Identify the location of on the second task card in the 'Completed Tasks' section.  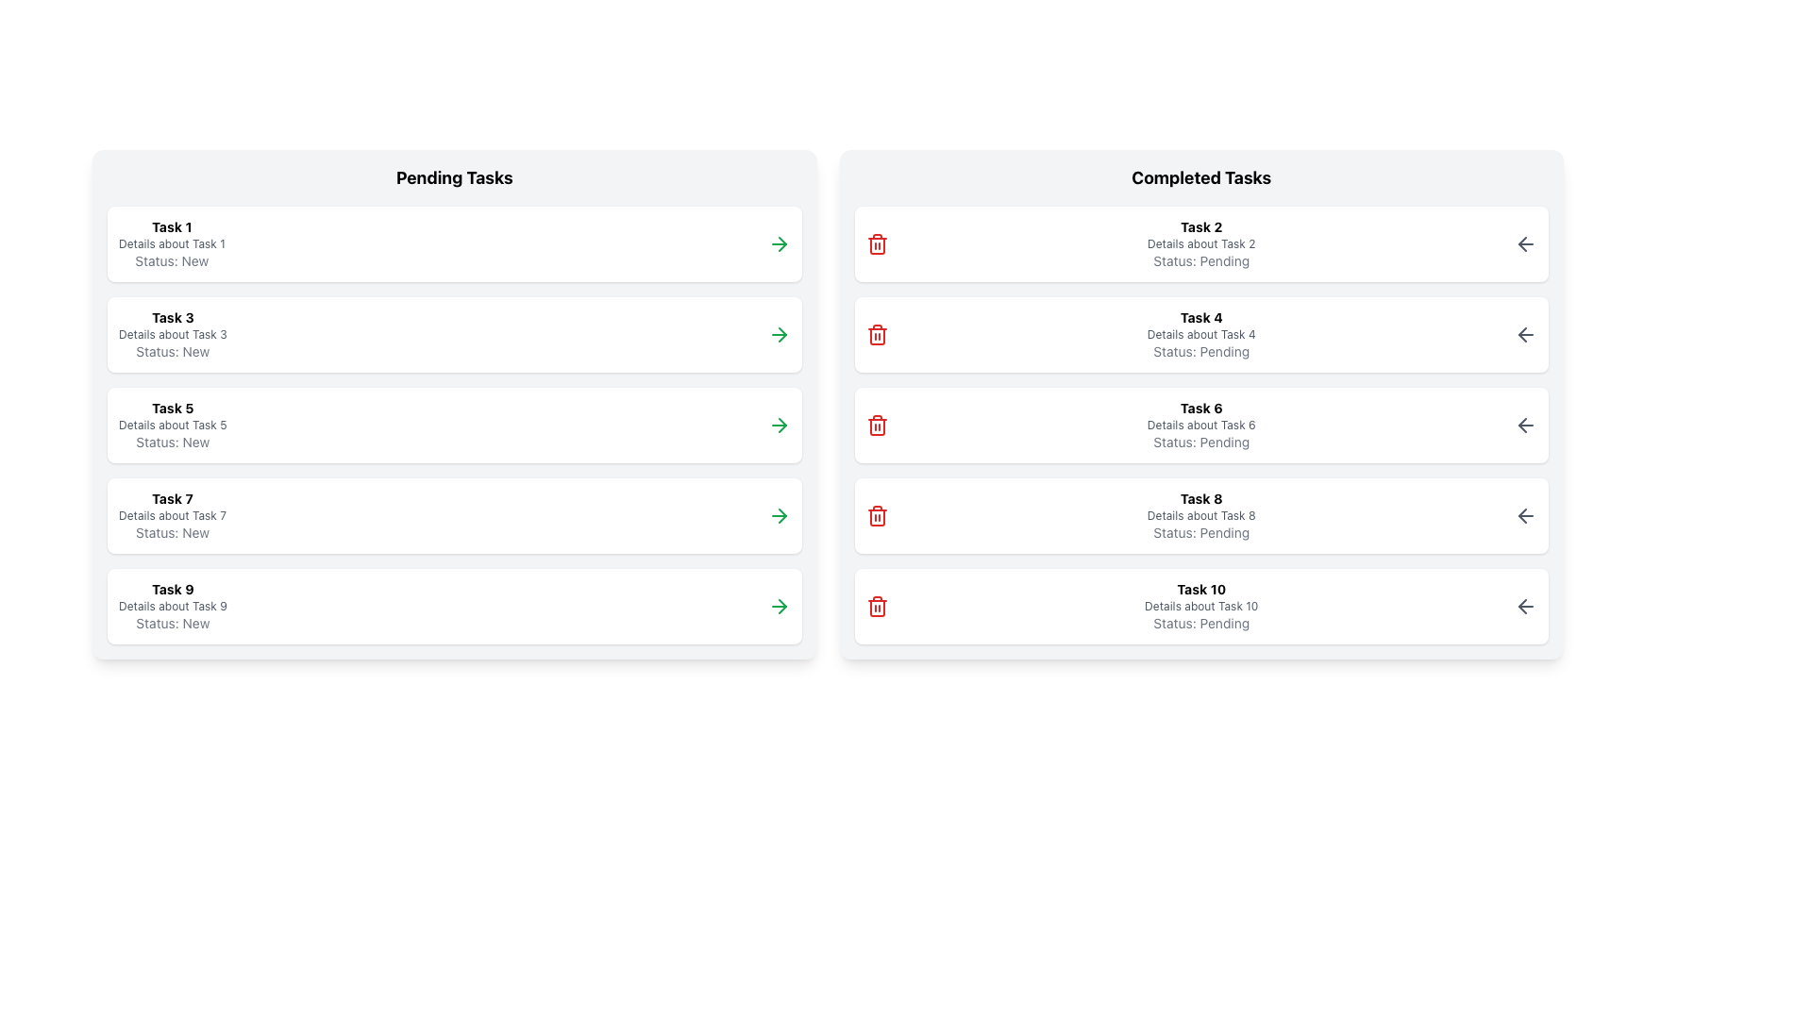
(1200, 333).